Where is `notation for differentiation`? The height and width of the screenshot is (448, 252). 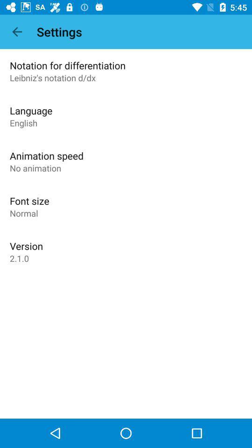 notation for differentiation is located at coordinates (67, 65).